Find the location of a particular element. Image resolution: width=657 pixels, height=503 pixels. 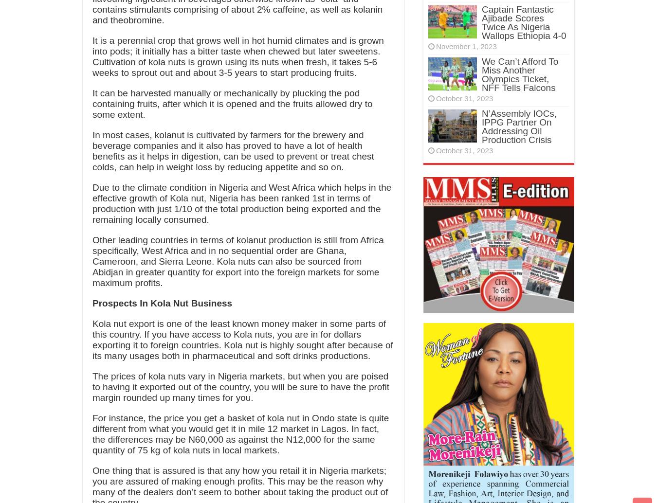

'November 1, 2023' is located at coordinates (465, 46).